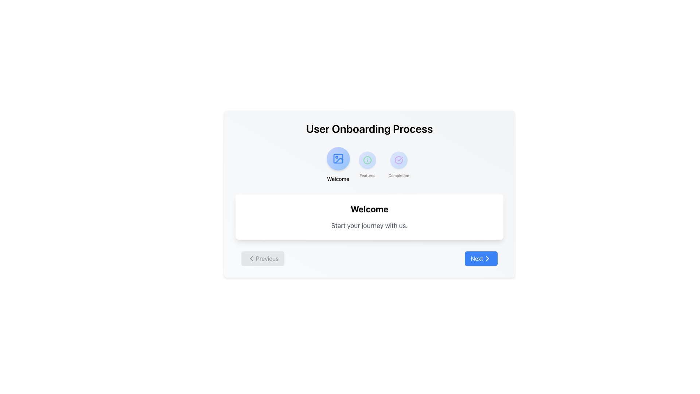 This screenshot has width=700, height=394. I want to click on the circular 'Features' button with a gradient blue background and an 'i' icon, so click(367, 165).